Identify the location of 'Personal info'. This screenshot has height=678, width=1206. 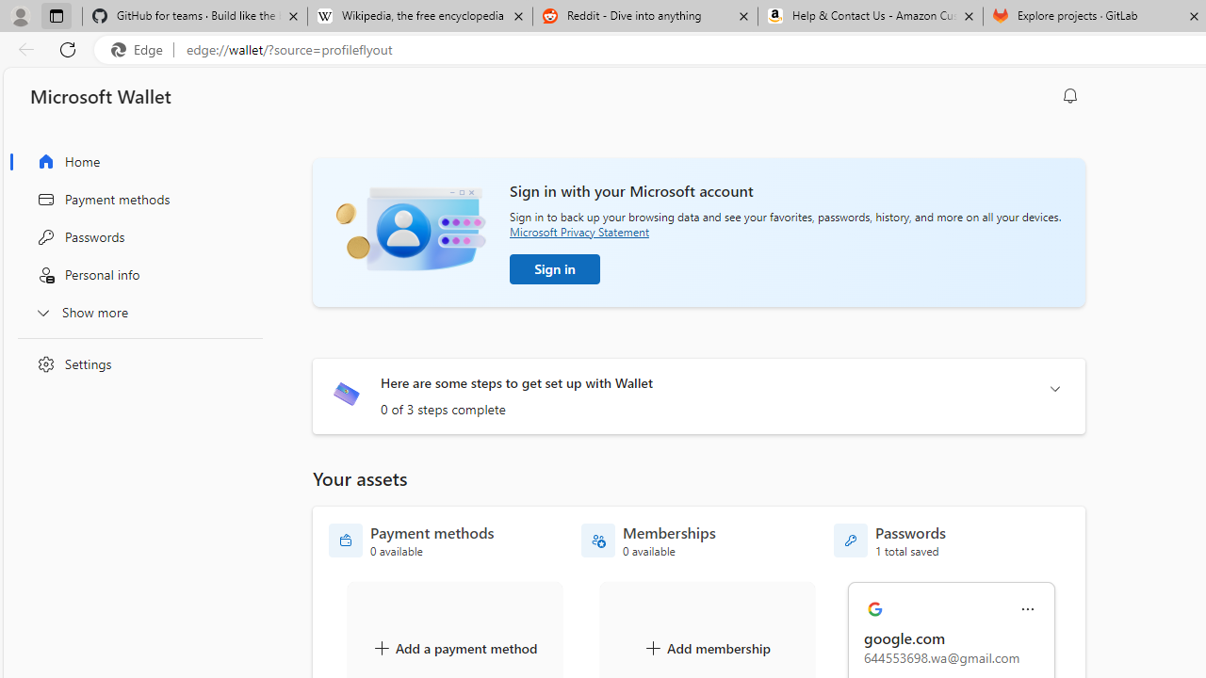
(135, 275).